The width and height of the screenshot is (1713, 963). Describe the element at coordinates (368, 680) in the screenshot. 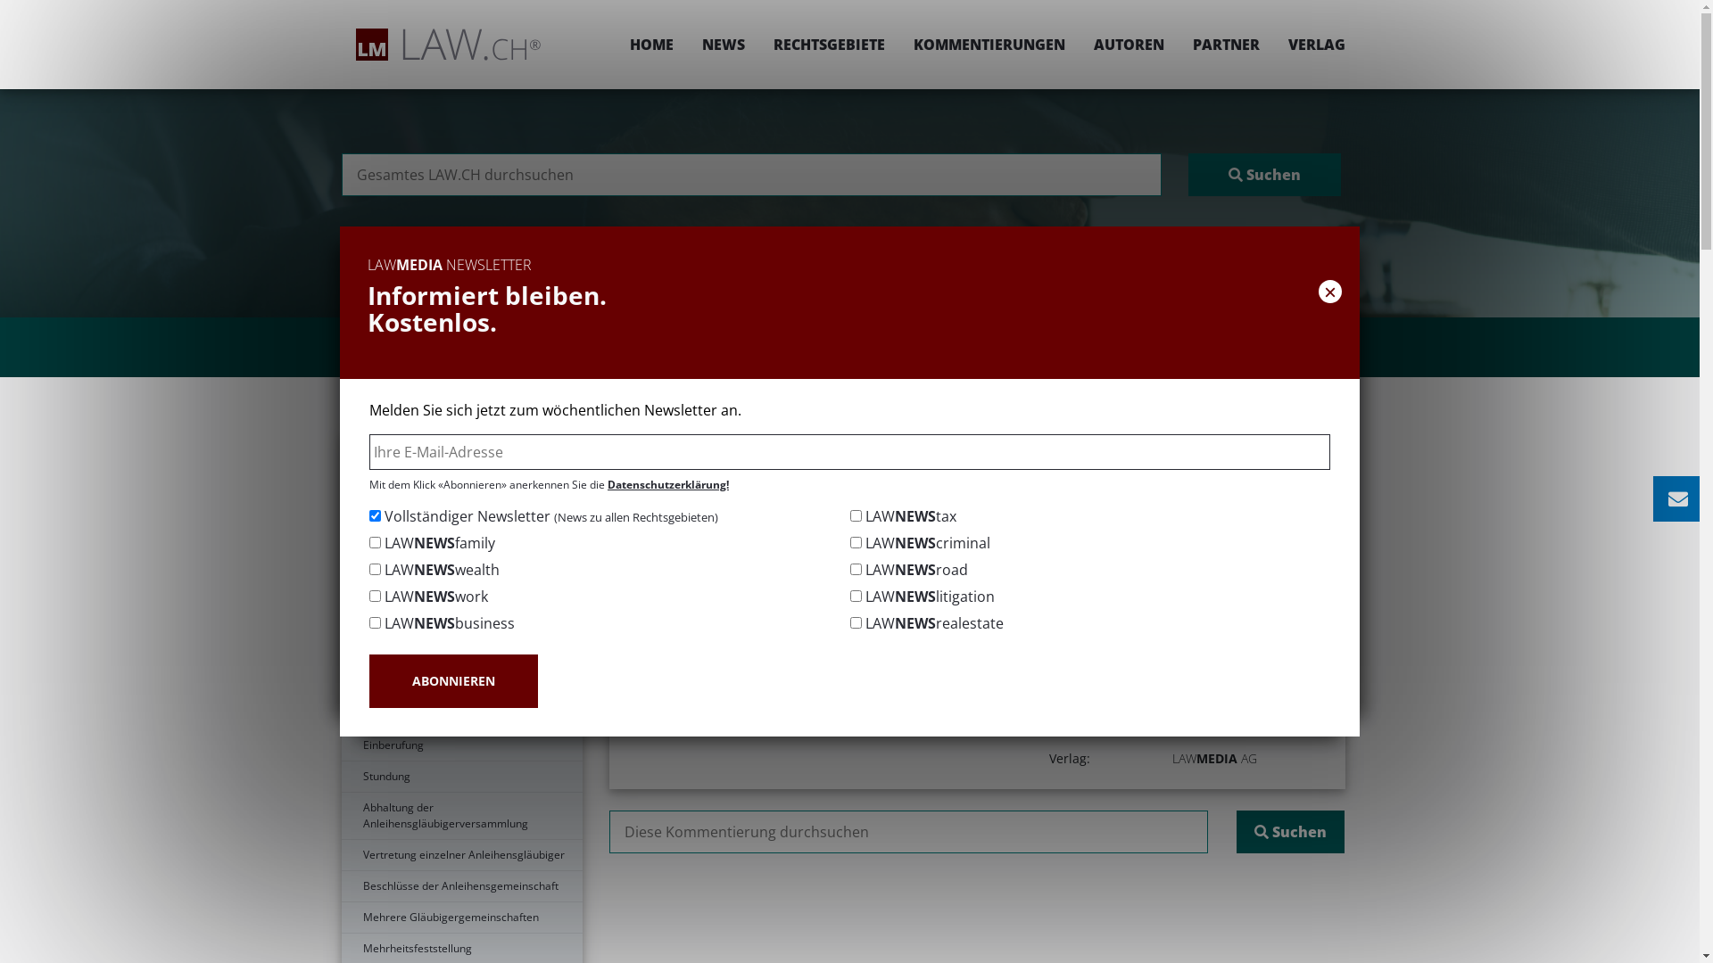

I see `'ABONNIEREN'` at that location.